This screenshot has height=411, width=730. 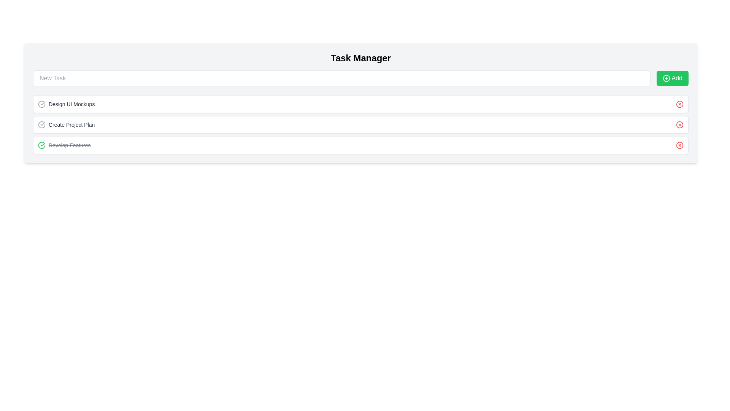 I want to click on the green circular icon with a checkmark inside, which is located at the leftmost side of the 'Develop Features' line, so click(x=41, y=145).